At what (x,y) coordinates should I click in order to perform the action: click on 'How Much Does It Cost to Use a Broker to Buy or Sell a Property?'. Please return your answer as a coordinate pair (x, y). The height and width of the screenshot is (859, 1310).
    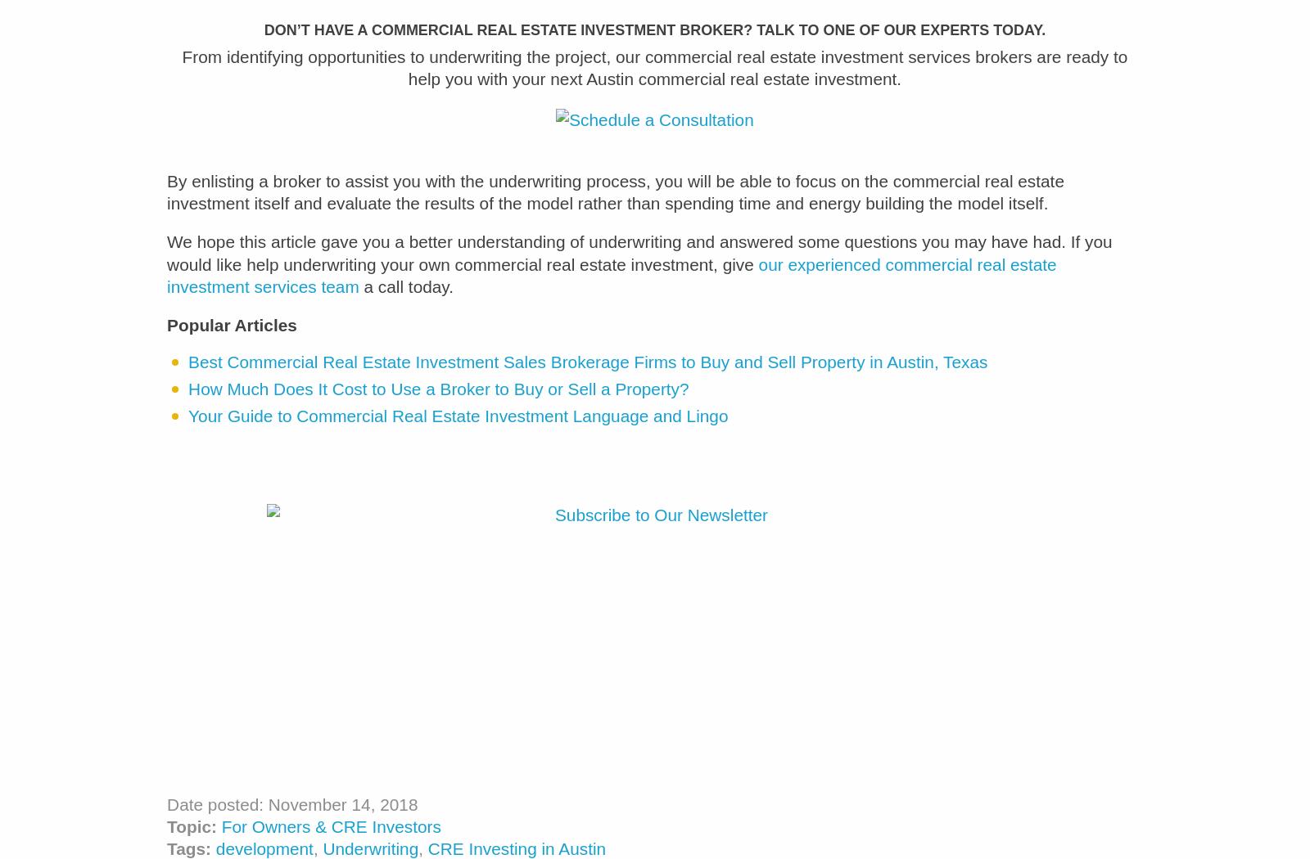
    Looking at the image, I should click on (187, 399).